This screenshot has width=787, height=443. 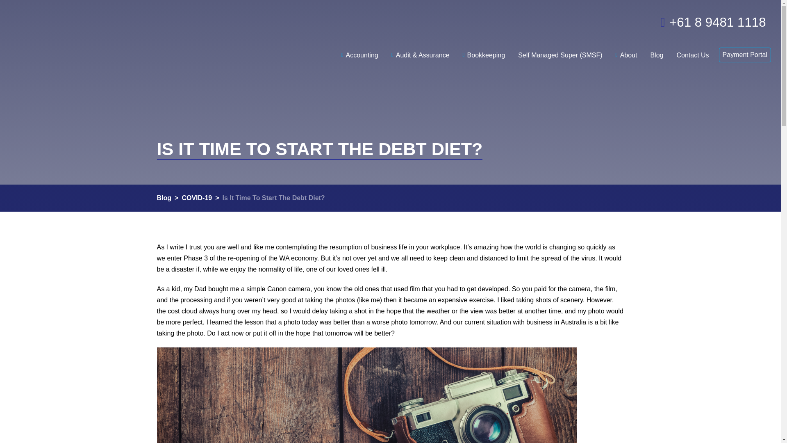 What do you see at coordinates (626, 49) in the screenshot?
I see `'About'` at bounding box center [626, 49].